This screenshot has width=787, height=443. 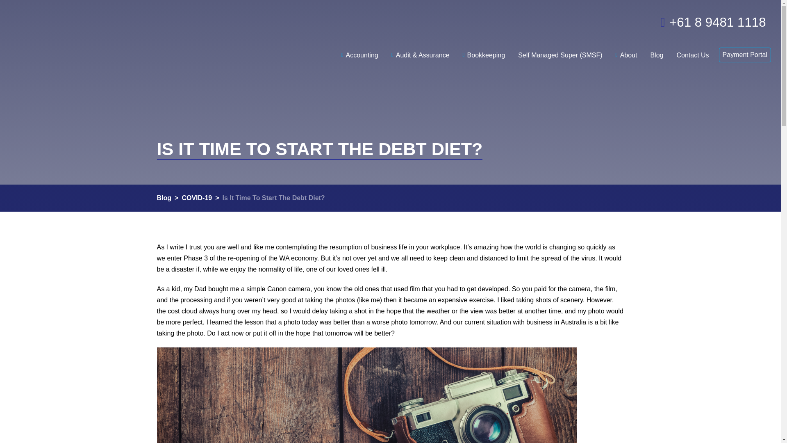 What do you see at coordinates (626, 49) in the screenshot?
I see `'About'` at bounding box center [626, 49].